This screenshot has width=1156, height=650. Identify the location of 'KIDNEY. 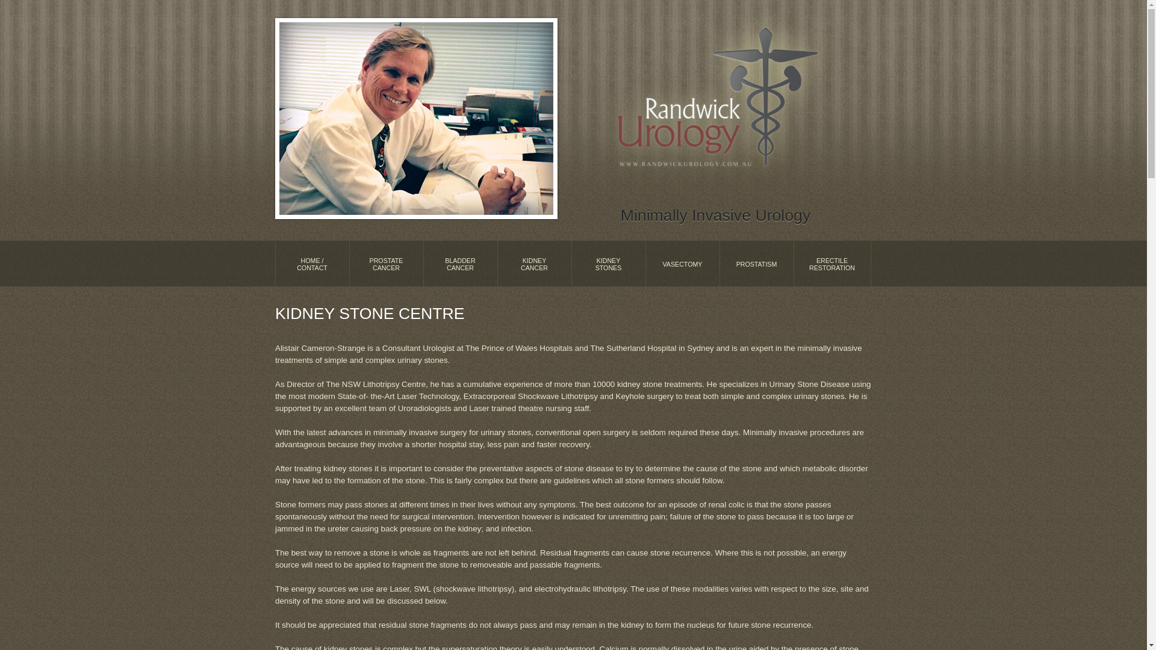
(533, 263).